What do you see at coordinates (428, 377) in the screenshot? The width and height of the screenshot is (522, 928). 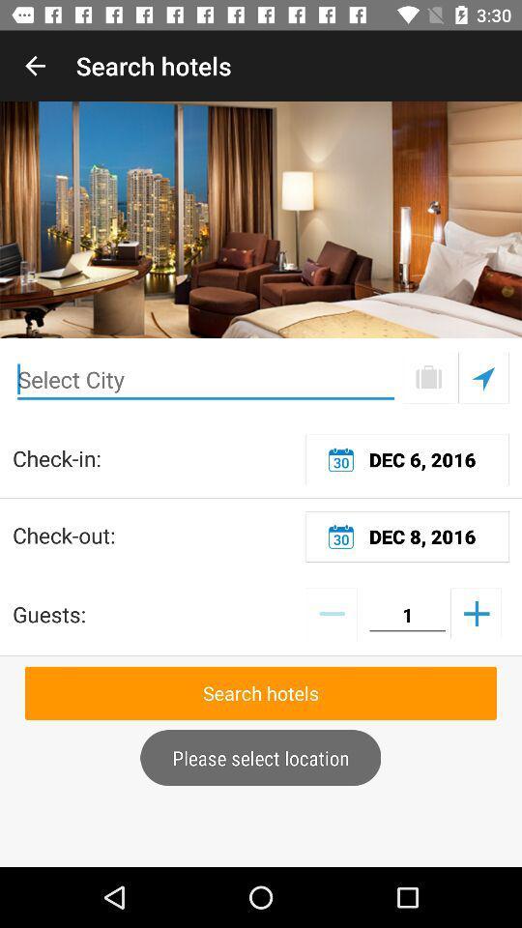 I see `page` at bounding box center [428, 377].